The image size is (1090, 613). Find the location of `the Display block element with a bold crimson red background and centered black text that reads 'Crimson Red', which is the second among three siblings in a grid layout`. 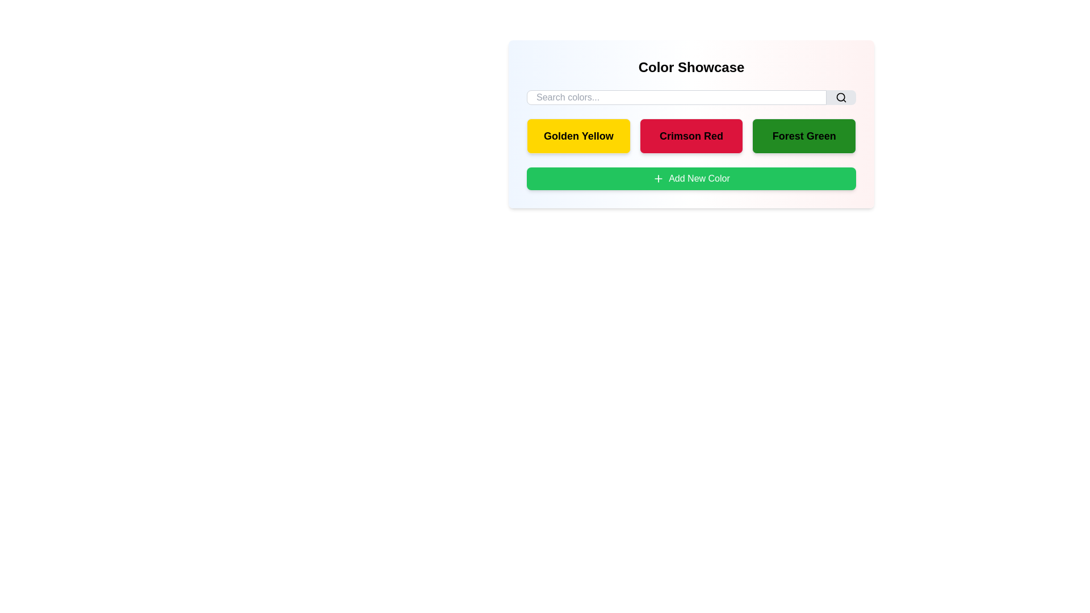

the Display block element with a bold crimson red background and centered black text that reads 'Crimson Red', which is the second among three siblings in a grid layout is located at coordinates (691, 135).